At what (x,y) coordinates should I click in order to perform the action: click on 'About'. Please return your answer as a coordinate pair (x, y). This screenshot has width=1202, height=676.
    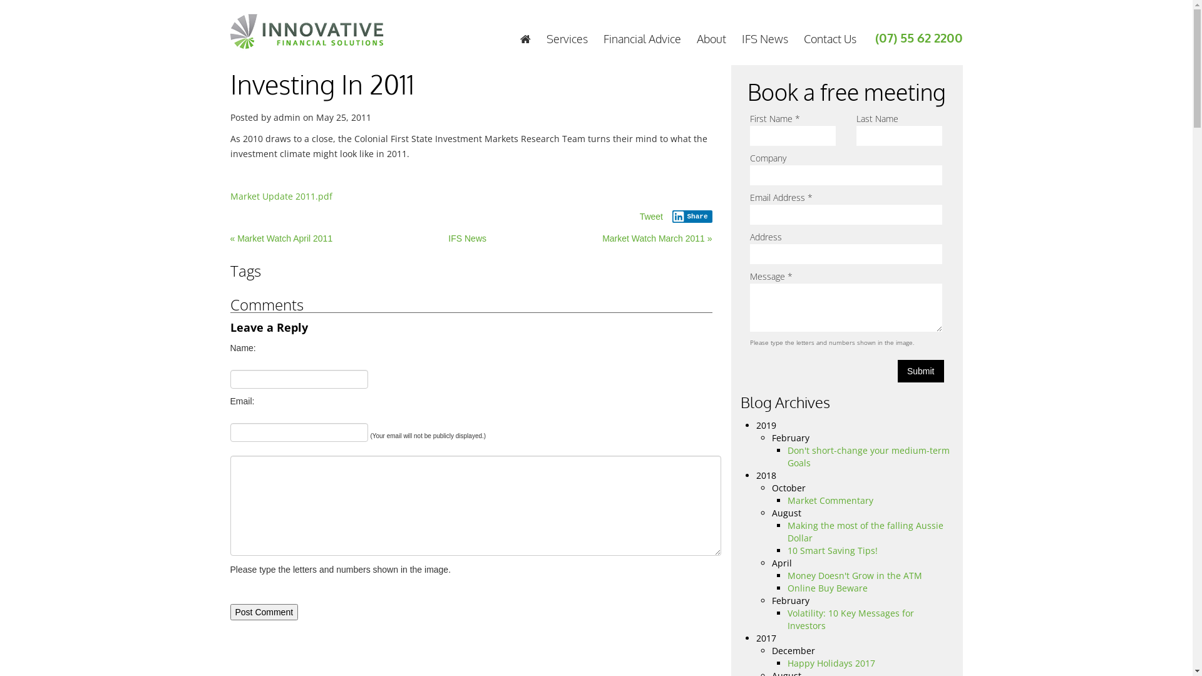
    Looking at the image, I should click on (711, 38).